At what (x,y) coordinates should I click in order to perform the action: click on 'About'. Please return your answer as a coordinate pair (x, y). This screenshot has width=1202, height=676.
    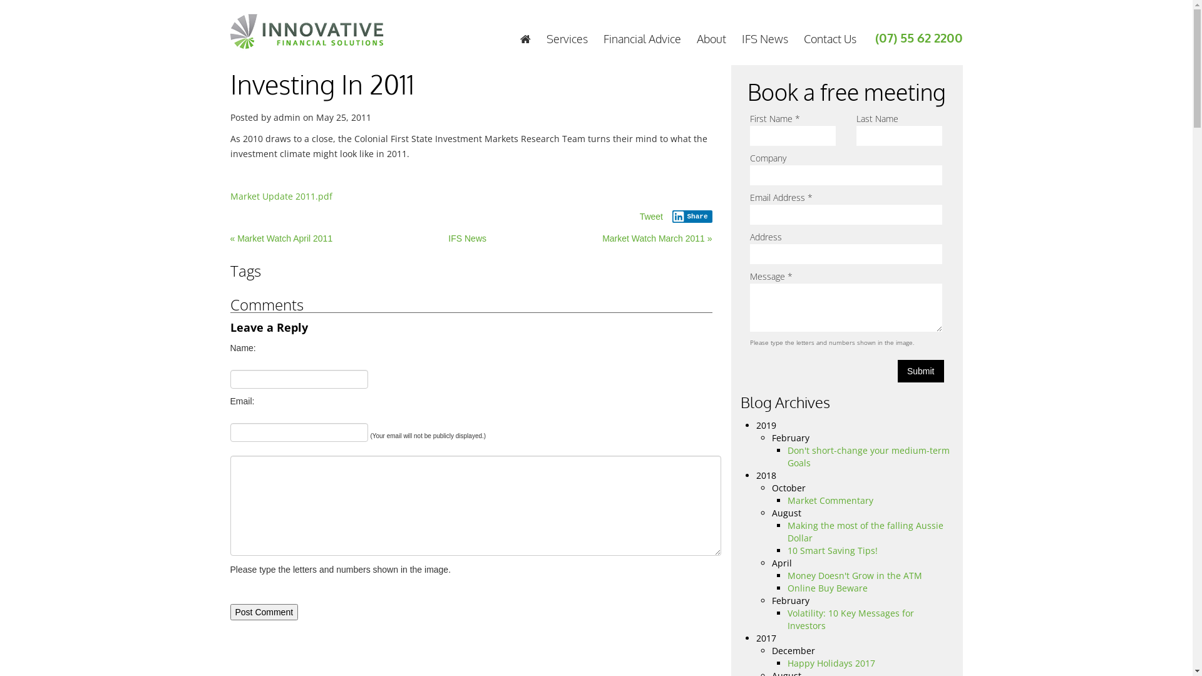
    Looking at the image, I should click on (711, 38).